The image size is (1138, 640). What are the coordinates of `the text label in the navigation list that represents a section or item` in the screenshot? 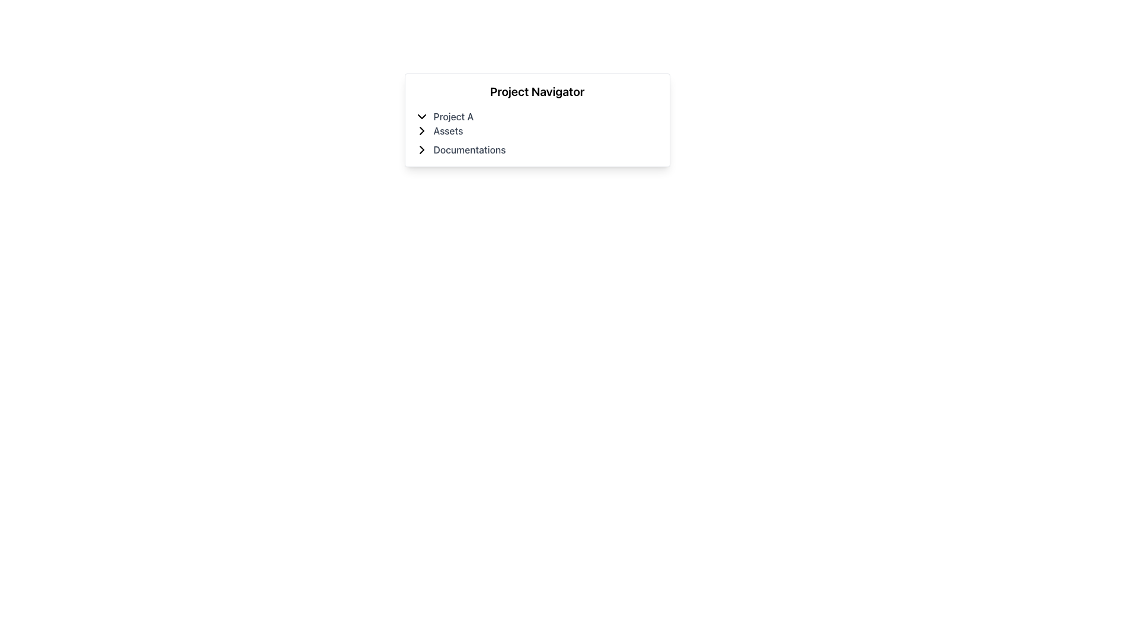 It's located at (469, 149).